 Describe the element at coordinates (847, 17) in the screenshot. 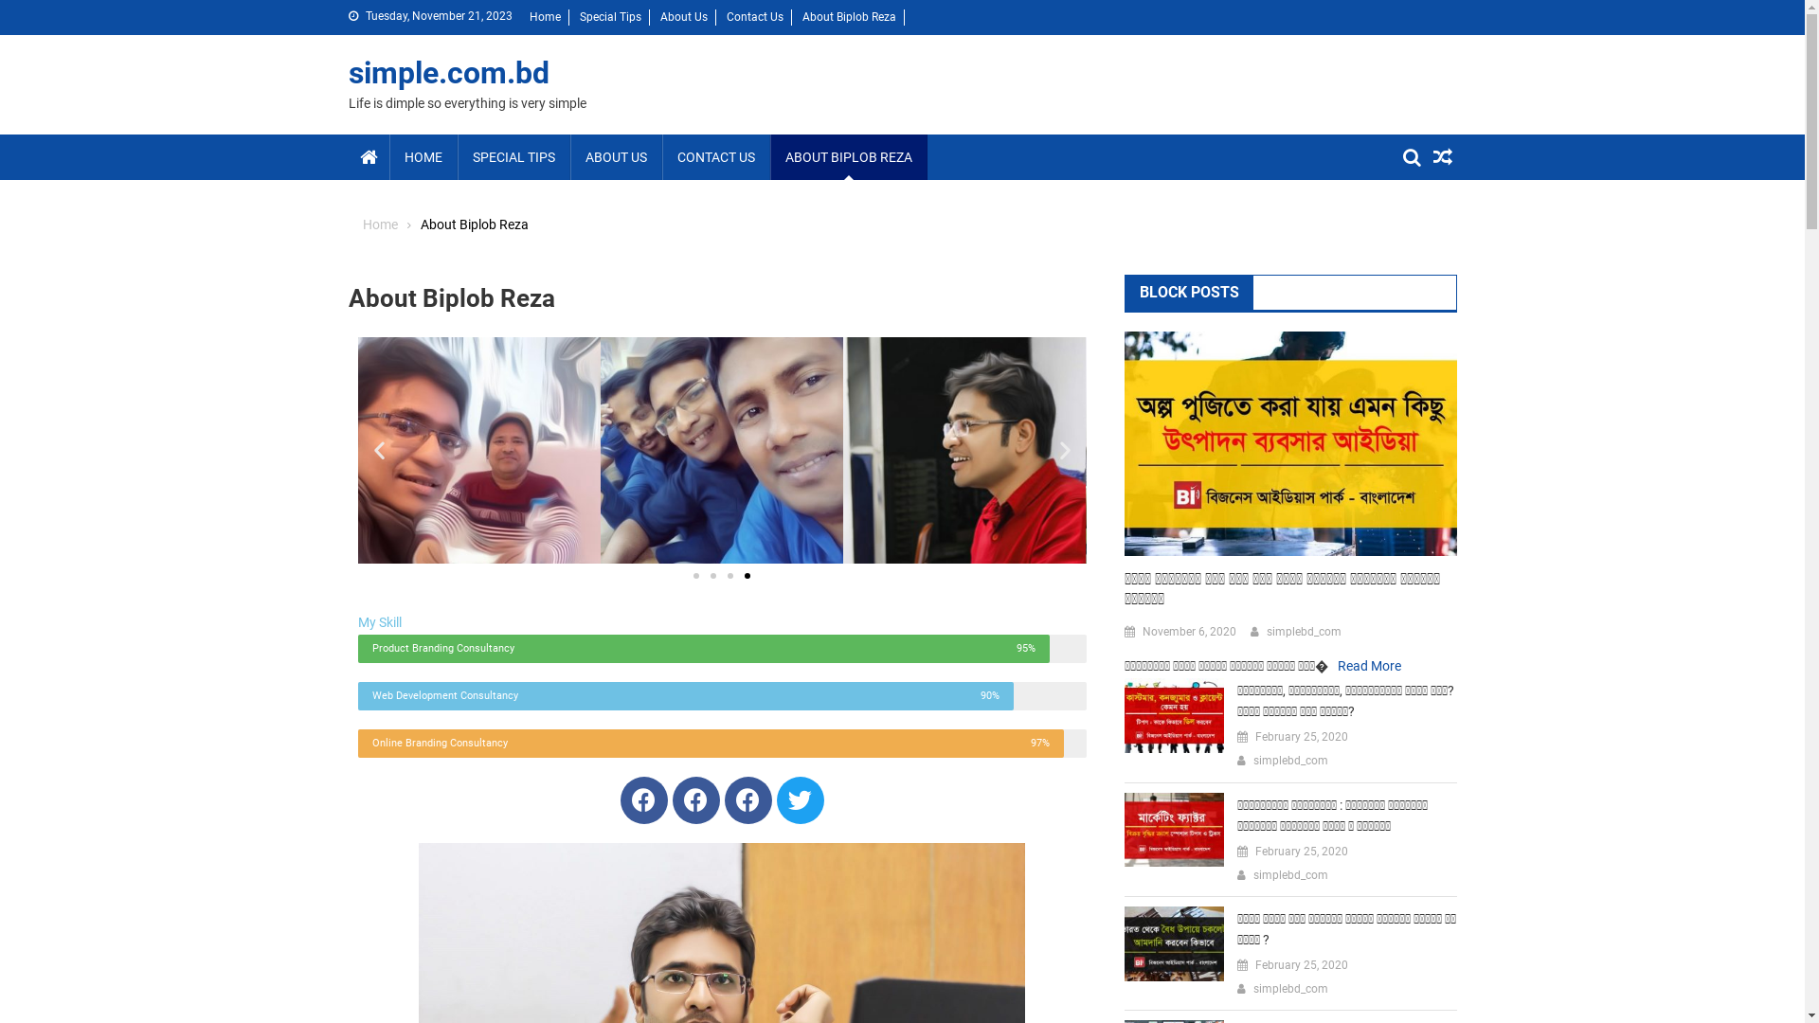

I see `'About Biplob Reza'` at that location.